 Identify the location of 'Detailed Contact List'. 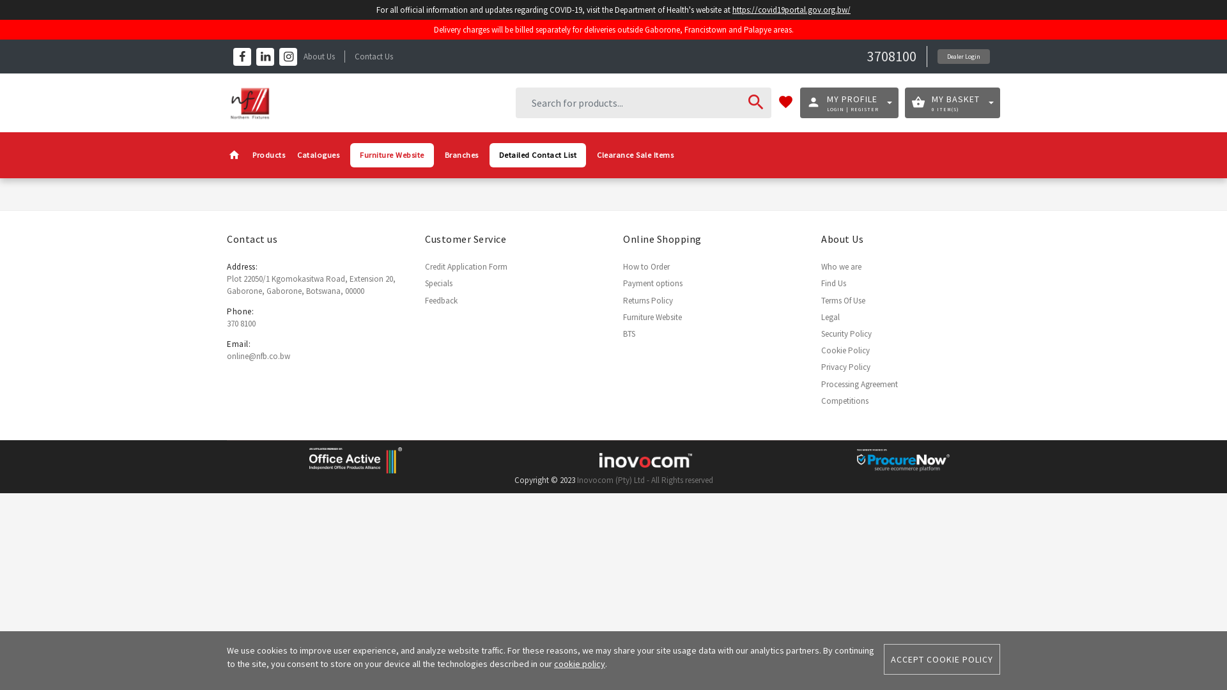
(489, 155).